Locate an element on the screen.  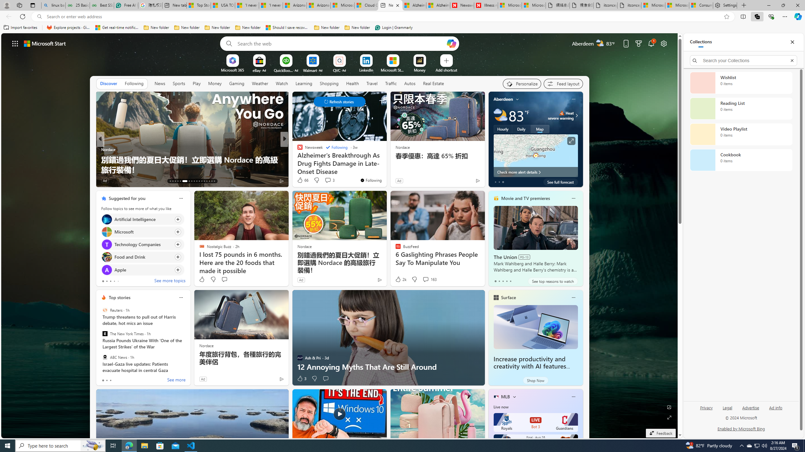
'Edit Background' is located at coordinates (669, 406).